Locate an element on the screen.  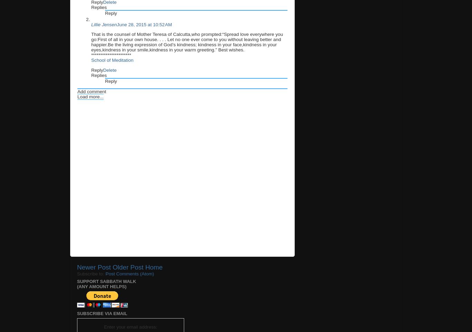
'Enter your email address:' is located at coordinates (130, 326).